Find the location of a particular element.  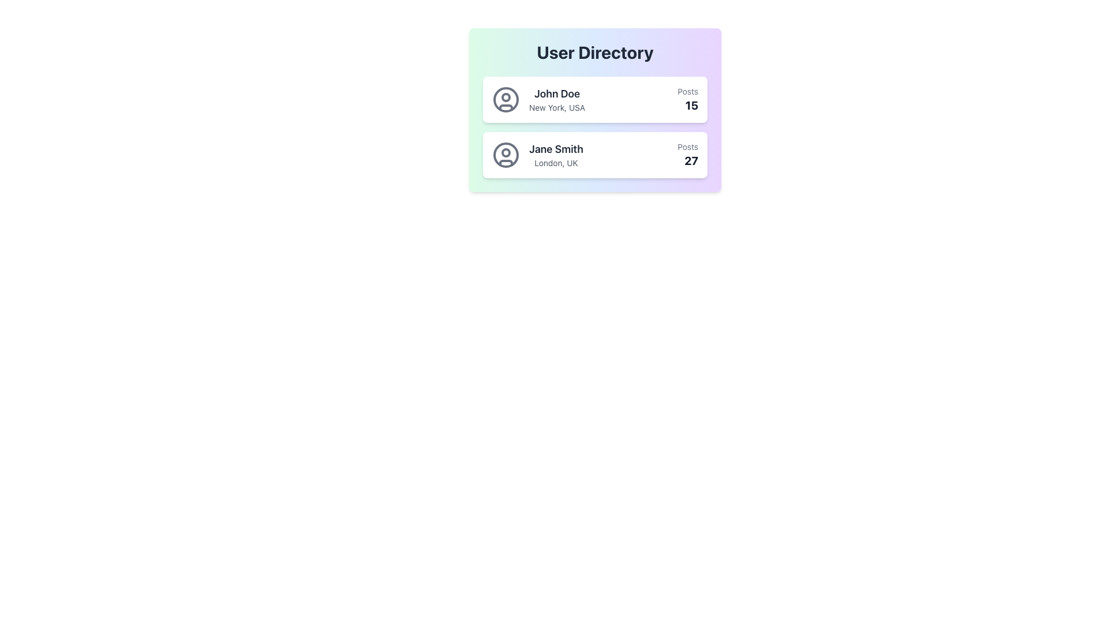

the small light gray text label displaying 'London, UK' is located at coordinates (556, 163).